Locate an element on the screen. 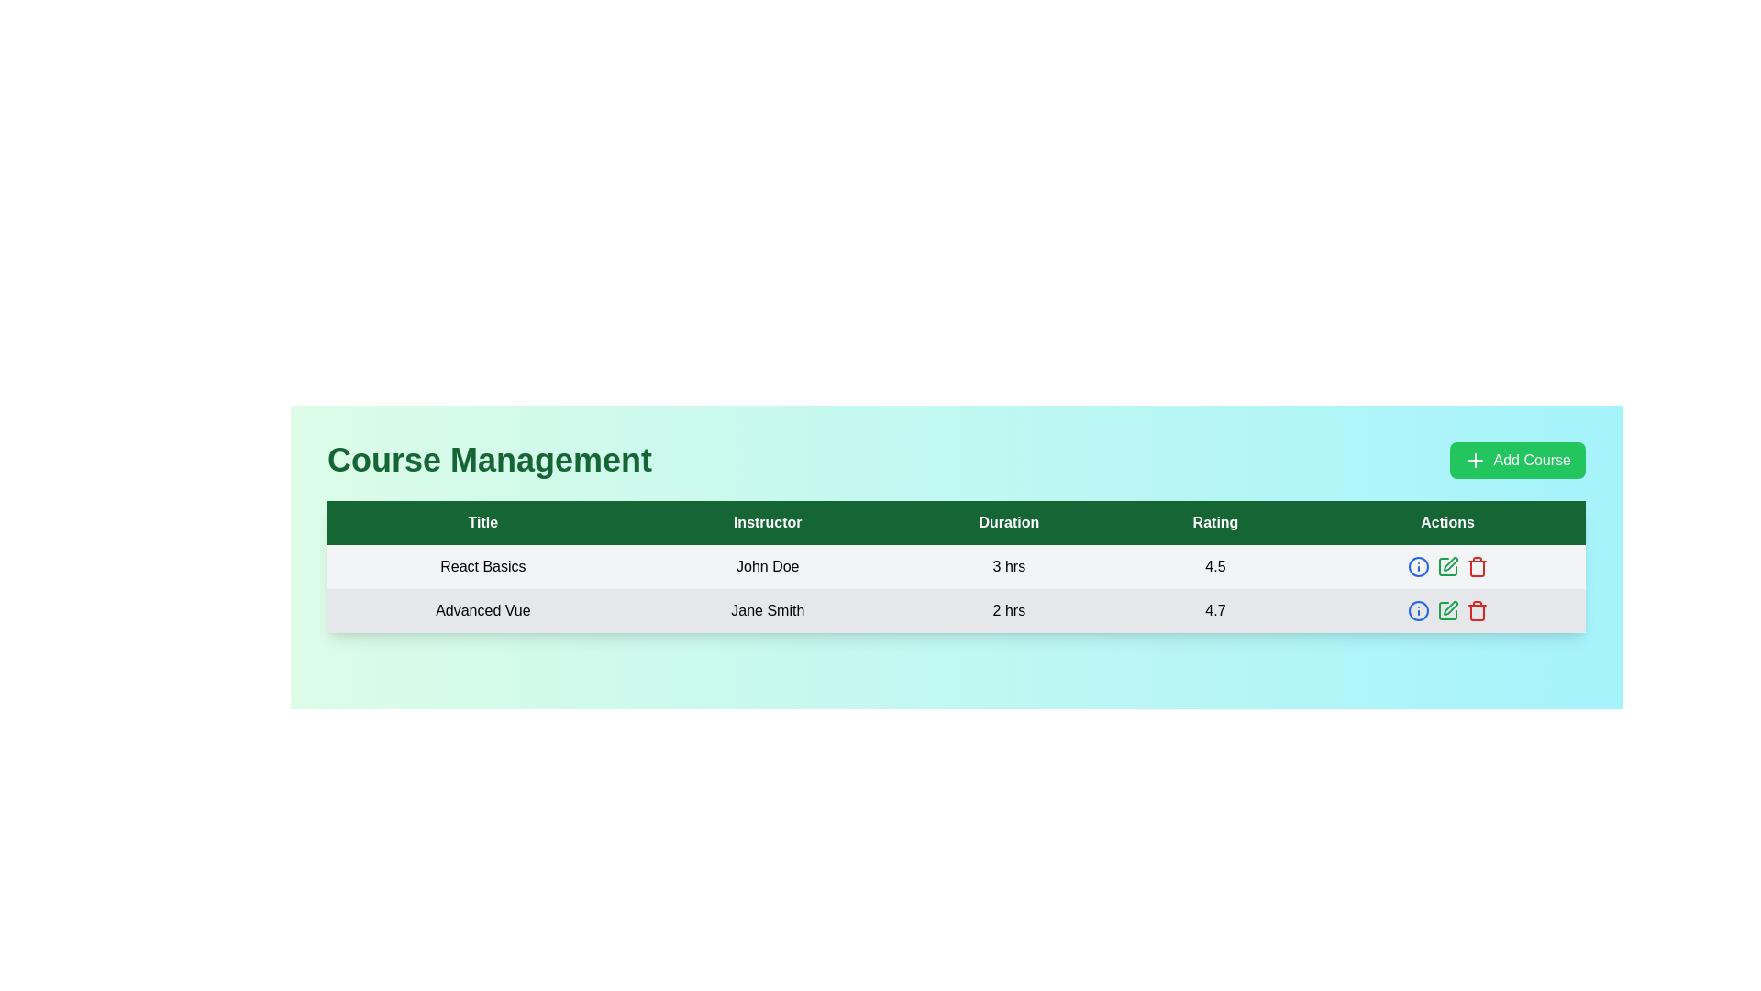 The height and width of the screenshot is (991, 1761). the circular SVG icon in the 'Actions' column of the second row for the 'Advanced Vue' course is located at coordinates (1417, 611).